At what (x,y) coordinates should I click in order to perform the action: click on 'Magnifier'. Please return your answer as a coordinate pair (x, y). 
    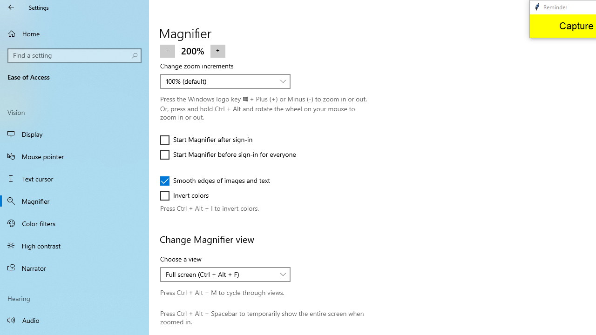
    Looking at the image, I should click on (74, 201).